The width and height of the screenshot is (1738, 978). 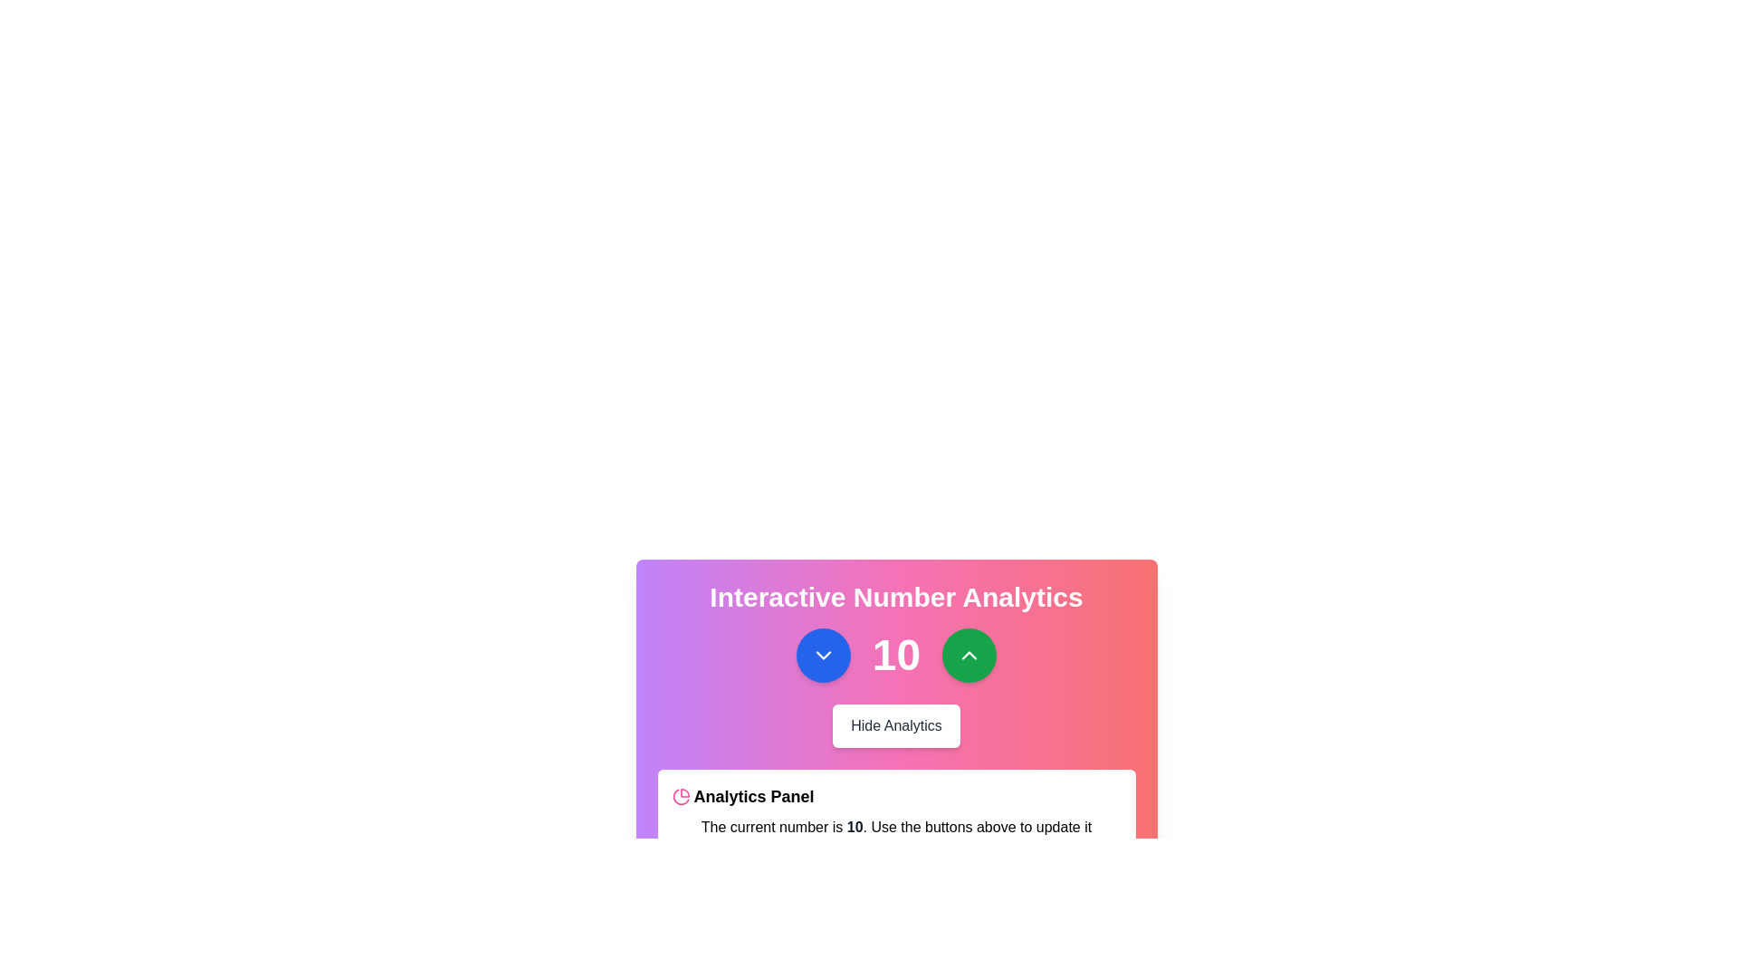 What do you see at coordinates (969, 656) in the screenshot?
I see `the increment button` at bounding box center [969, 656].